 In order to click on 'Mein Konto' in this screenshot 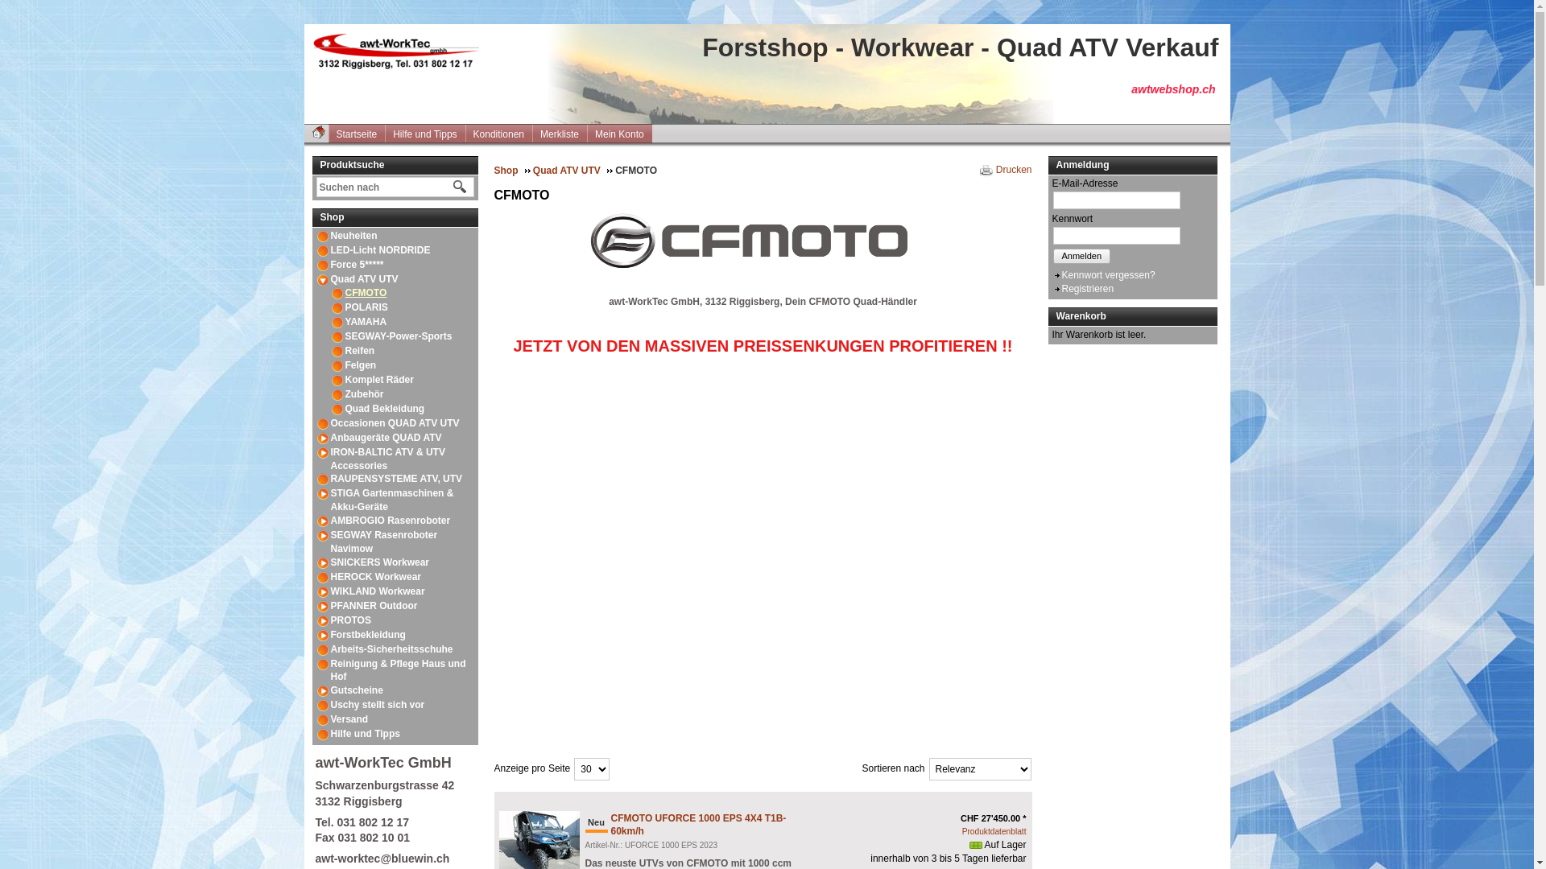, I will do `click(622, 133)`.